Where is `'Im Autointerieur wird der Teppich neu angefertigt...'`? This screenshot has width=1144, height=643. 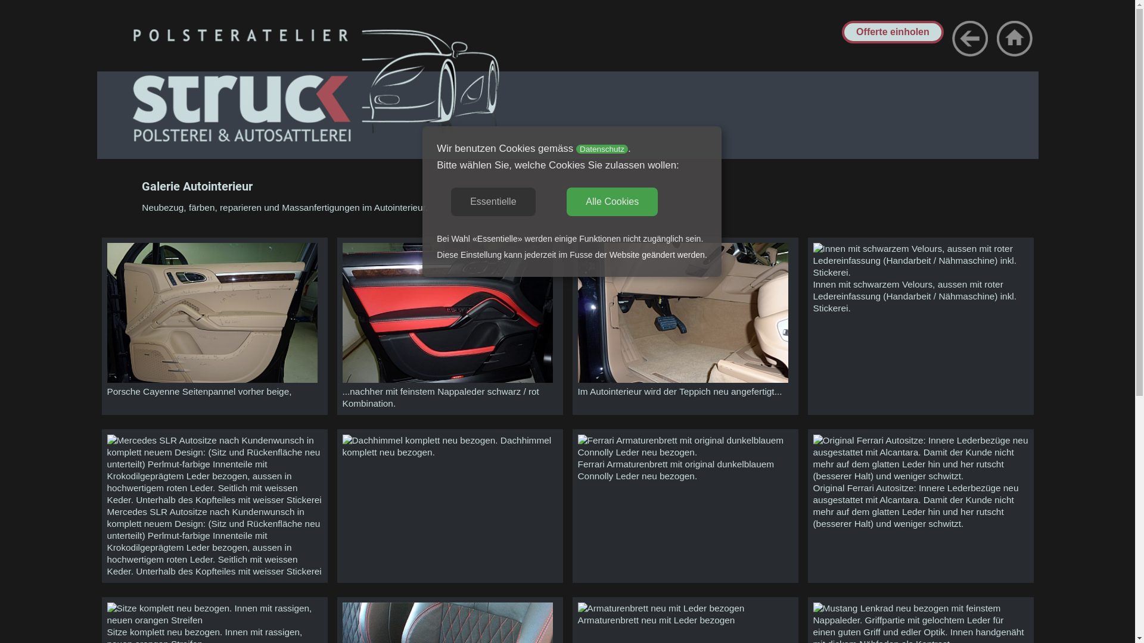 'Im Autointerieur wird der Teppich neu angefertigt...' is located at coordinates (577, 379).